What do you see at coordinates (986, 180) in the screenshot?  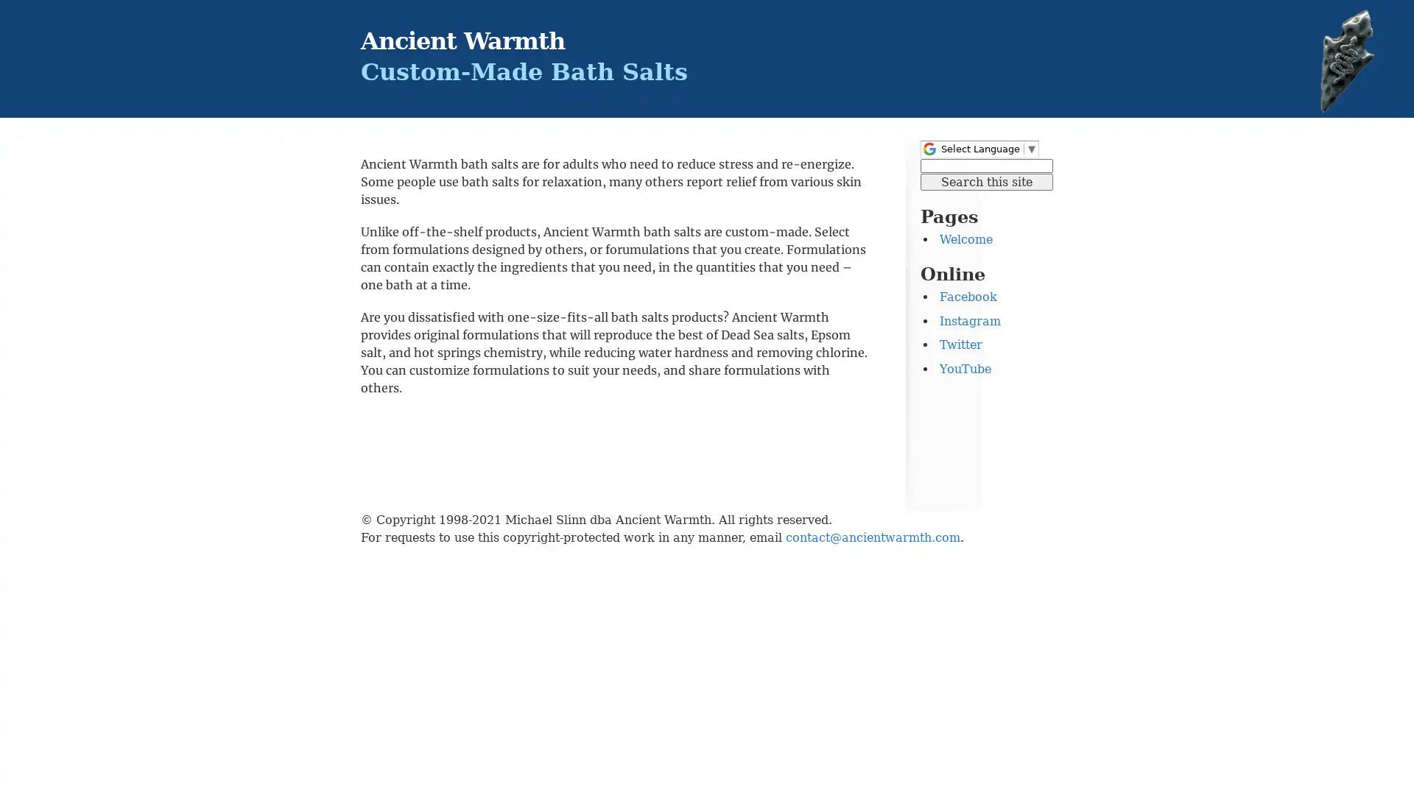 I see `Search this site` at bounding box center [986, 180].